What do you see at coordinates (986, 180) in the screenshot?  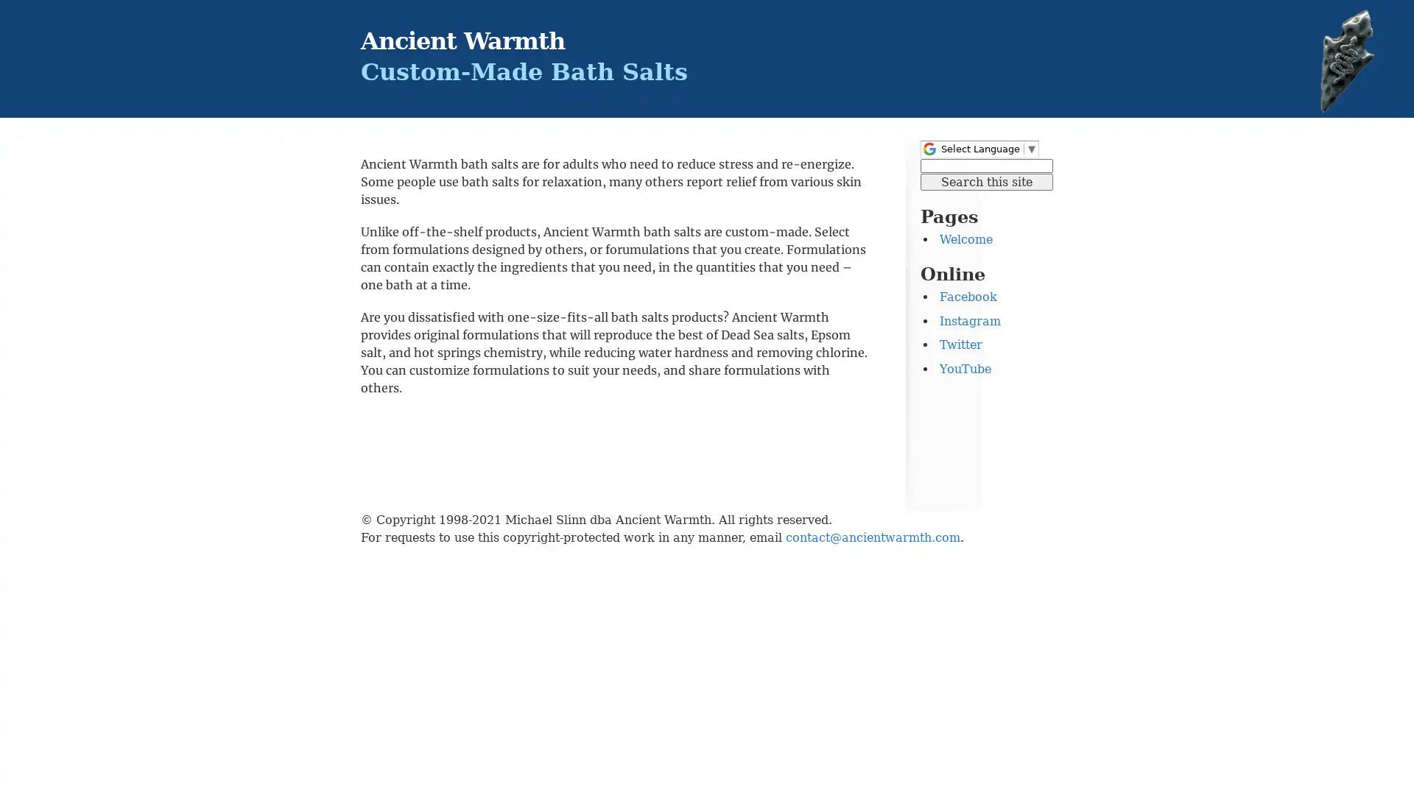 I see `Search this site` at bounding box center [986, 180].